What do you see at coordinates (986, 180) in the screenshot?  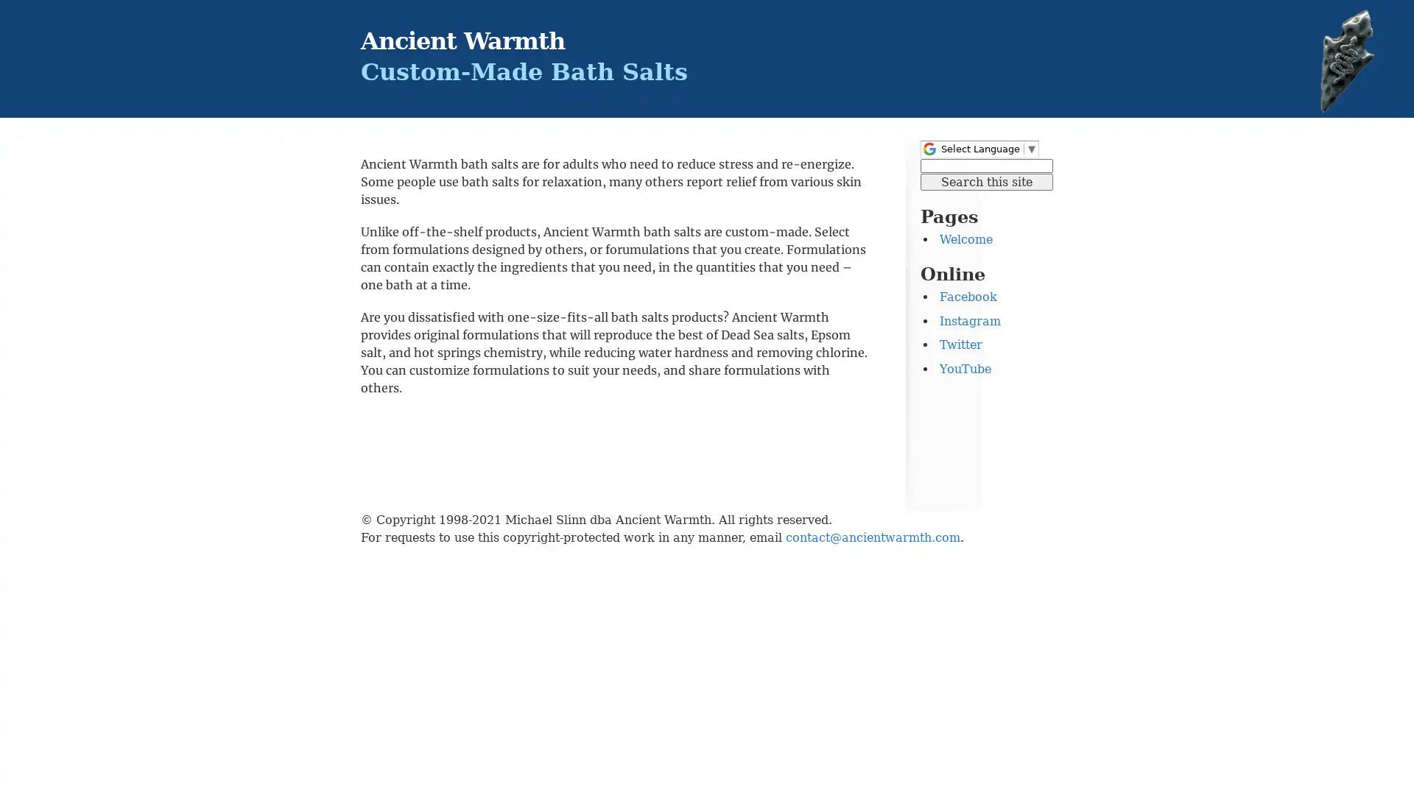 I see `Search this site` at bounding box center [986, 180].